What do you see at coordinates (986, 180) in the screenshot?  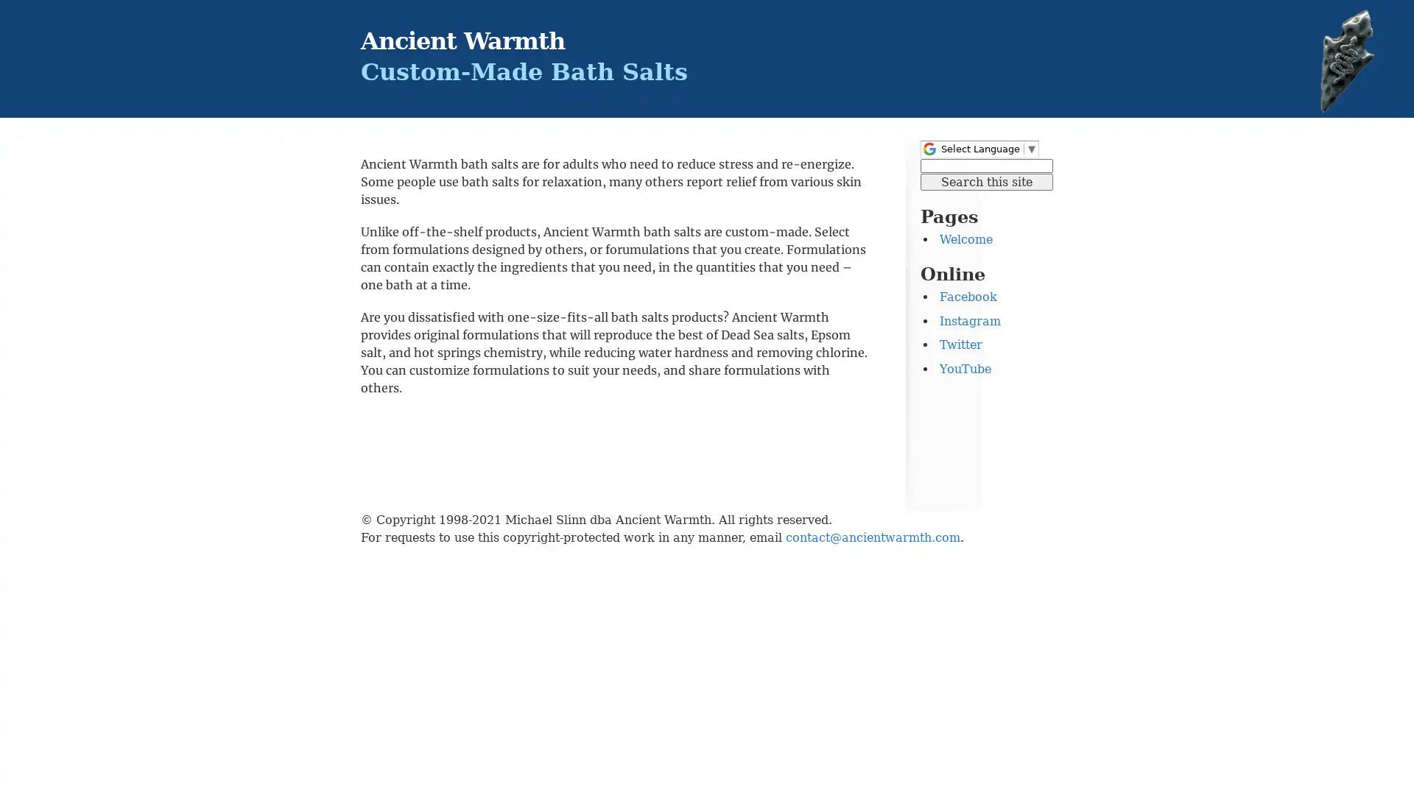 I see `Search this site` at bounding box center [986, 180].